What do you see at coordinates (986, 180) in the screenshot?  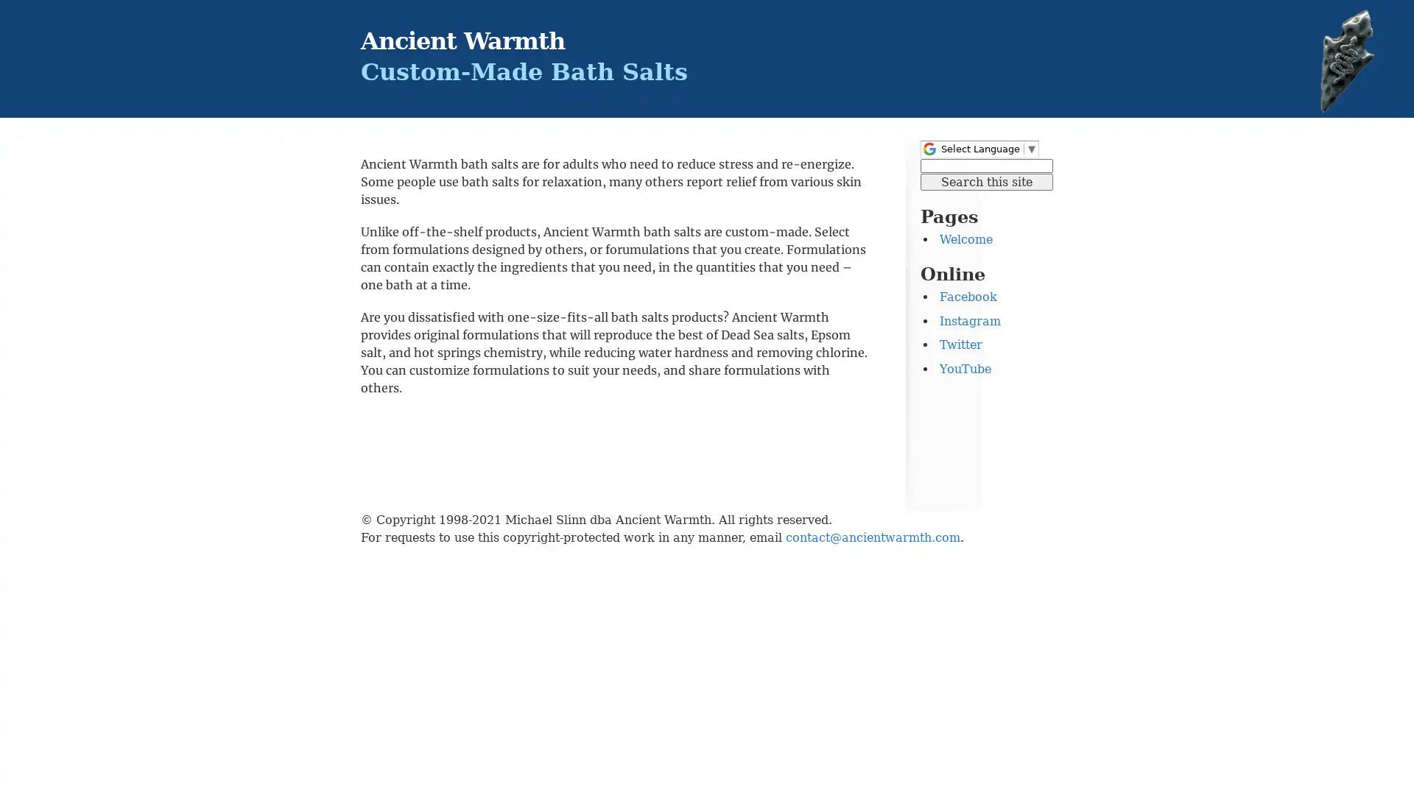 I see `Search this site` at bounding box center [986, 180].